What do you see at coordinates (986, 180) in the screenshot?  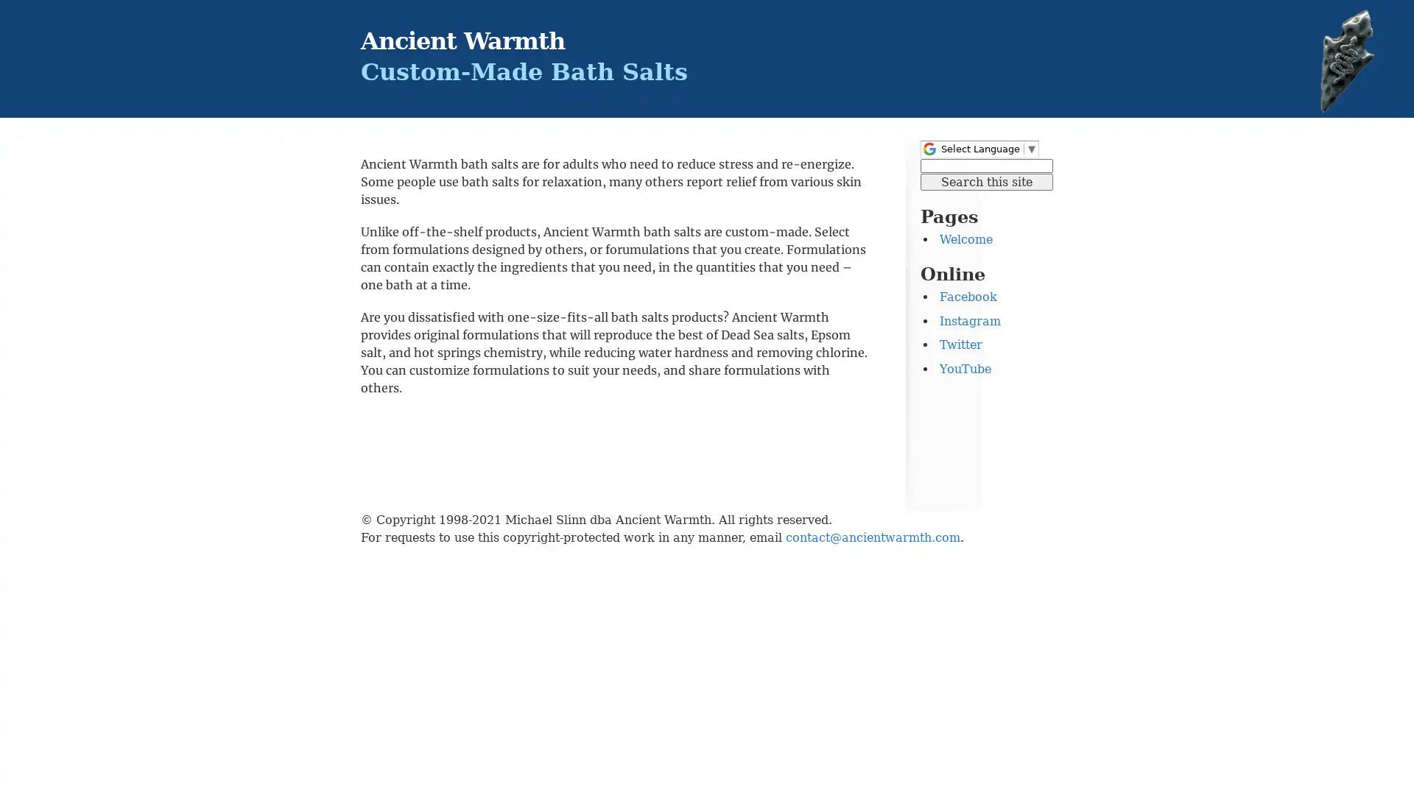 I see `Search this site` at bounding box center [986, 180].